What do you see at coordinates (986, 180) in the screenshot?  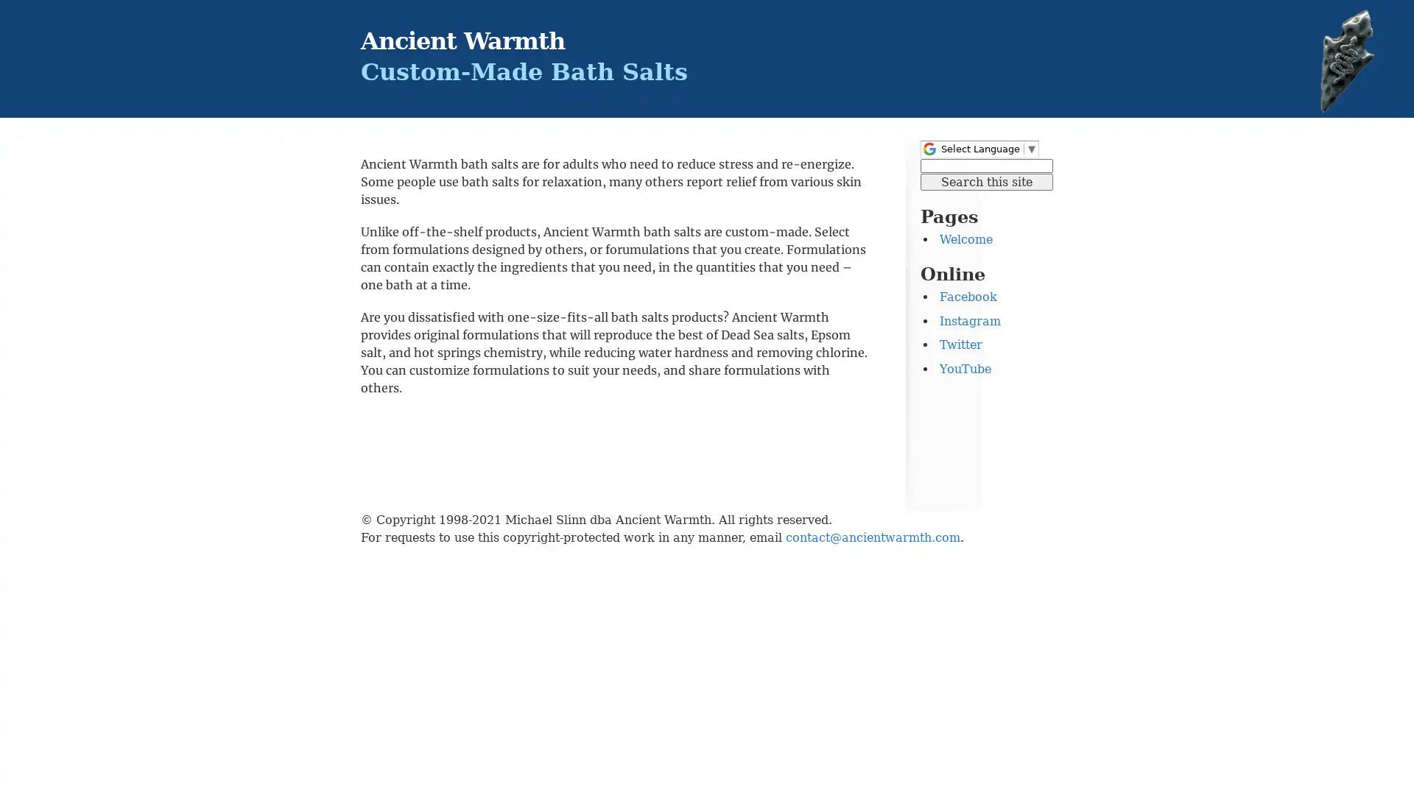 I see `Search this site` at bounding box center [986, 180].